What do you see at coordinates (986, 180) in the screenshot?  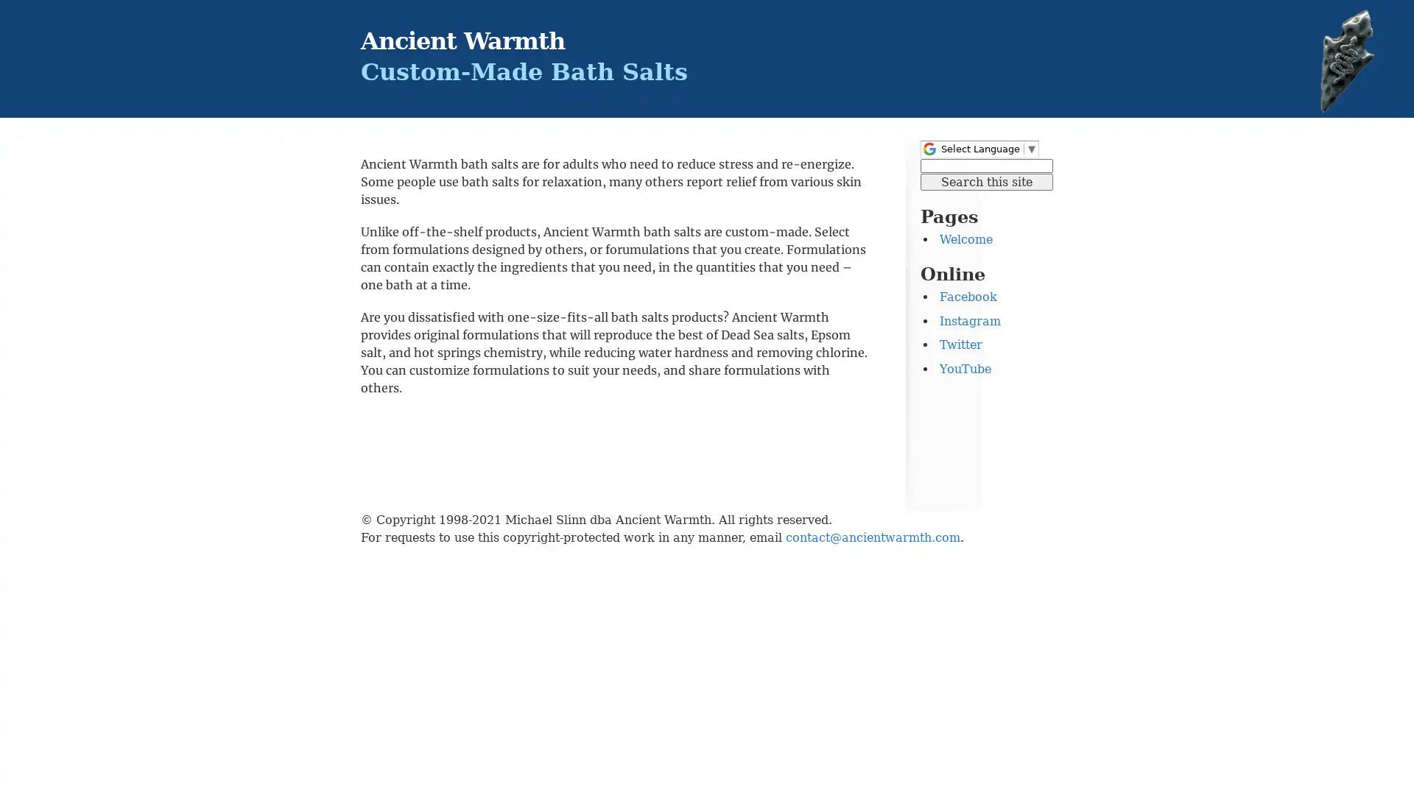 I see `Search this site` at bounding box center [986, 180].